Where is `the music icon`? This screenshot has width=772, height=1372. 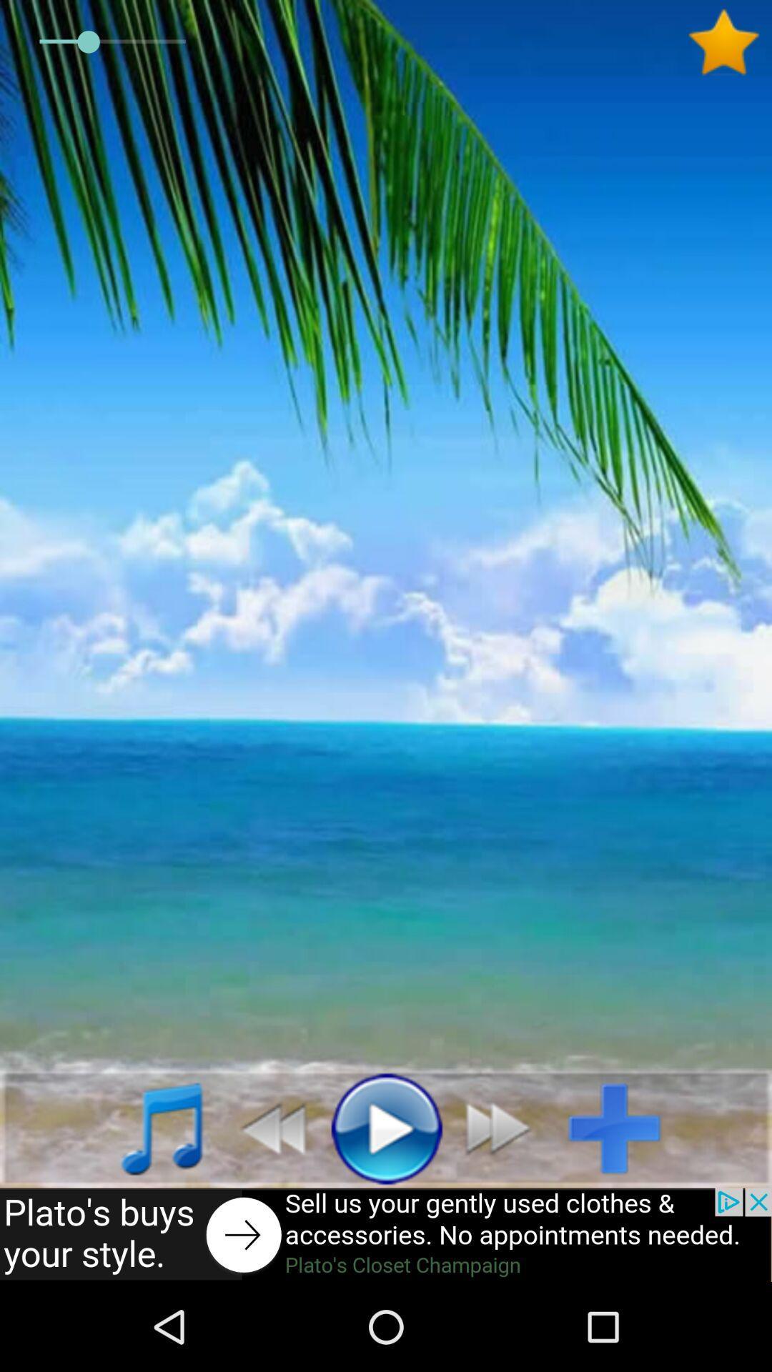
the music icon is located at coordinates (146, 1127).